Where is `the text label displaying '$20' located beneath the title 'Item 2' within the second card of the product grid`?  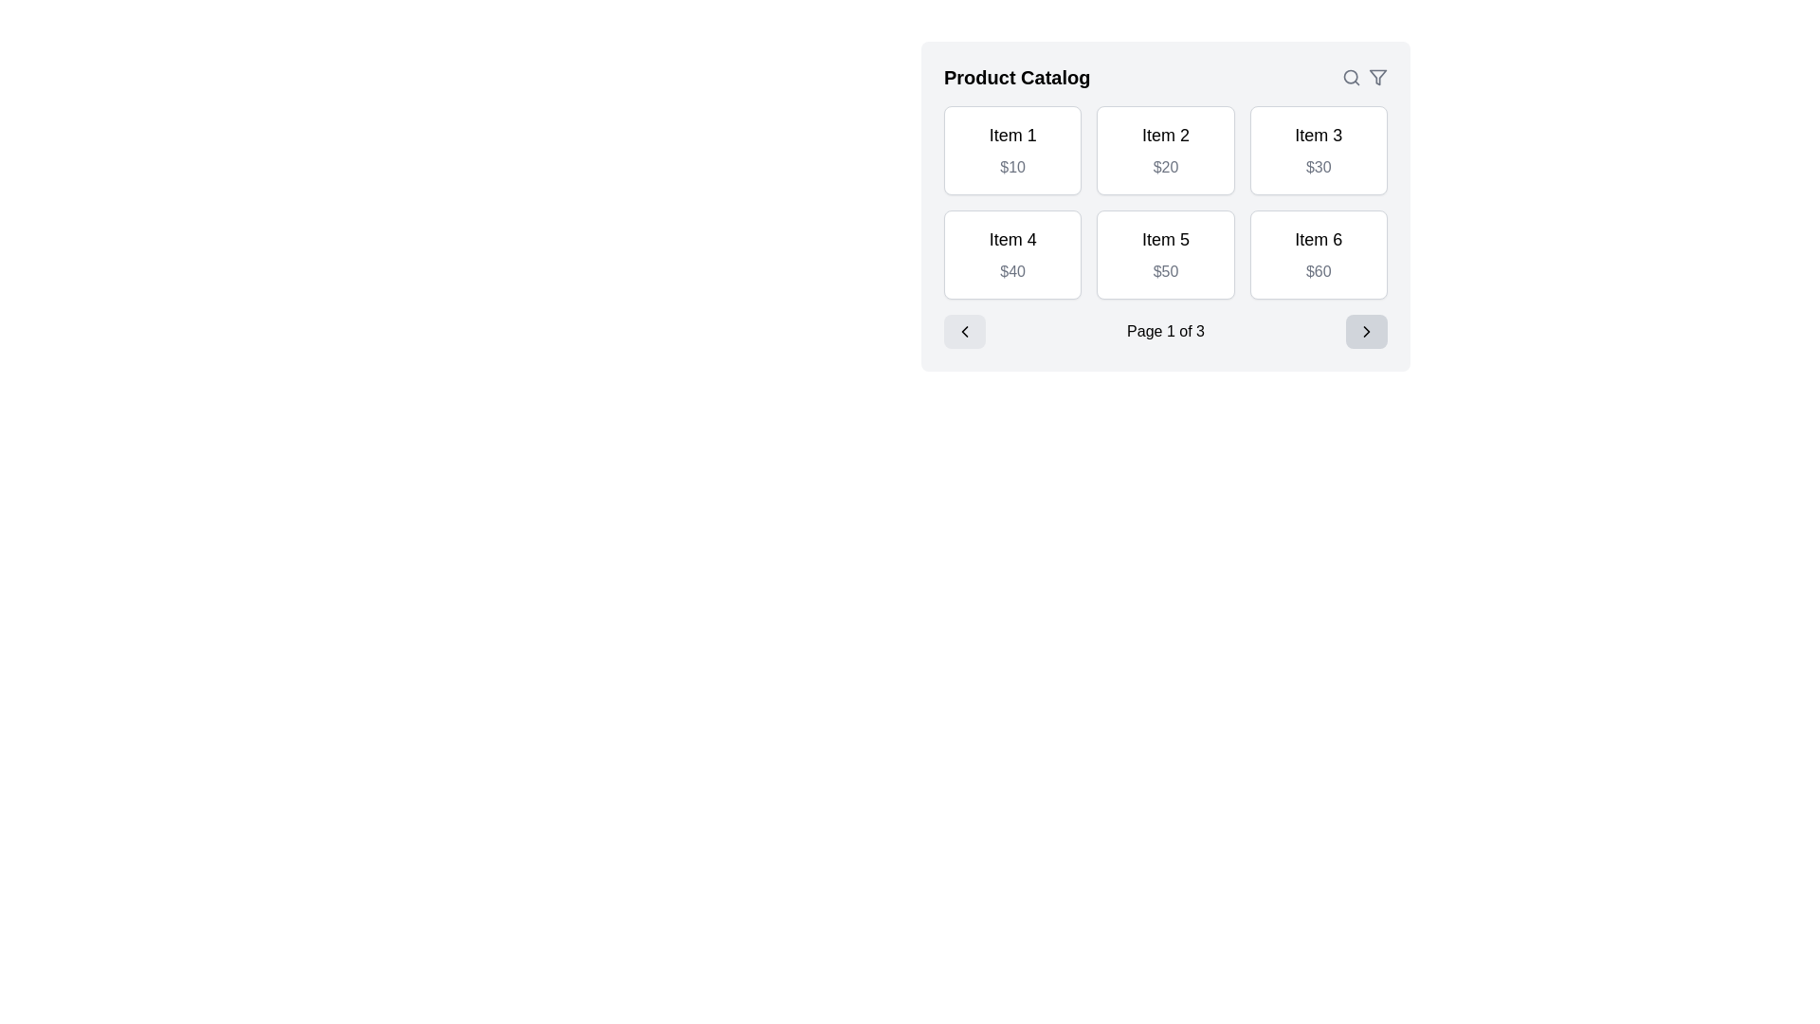
the text label displaying '$20' located beneath the title 'Item 2' within the second card of the product grid is located at coordinates (1164, 167).